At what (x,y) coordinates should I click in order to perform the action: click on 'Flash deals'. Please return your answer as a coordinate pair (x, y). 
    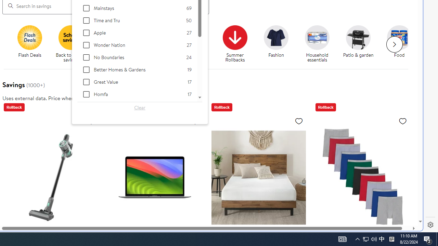
    Looking at the image, I should click on (29, 37).